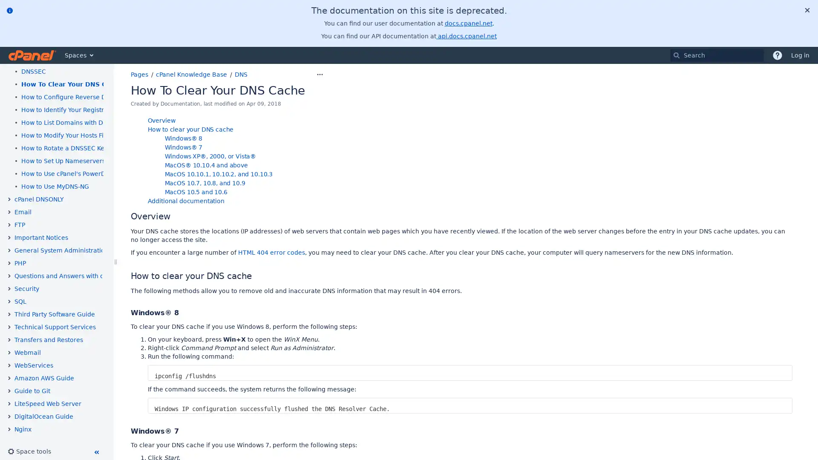  Describe the element at coordinates (807, 10) in the screenshot. I see `Close` at that location.